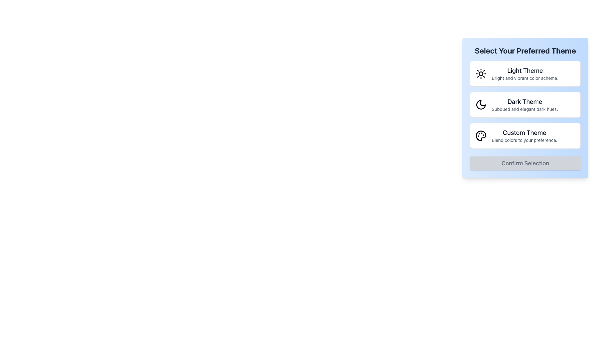  What do you see at coordinates (525, 78) in the screenshot?
I see `the text label that describes the 'Light Theme', located beneath the title 'Light Theme' in the first theme option on the right side of the interface` at bounding box center [525, 78].